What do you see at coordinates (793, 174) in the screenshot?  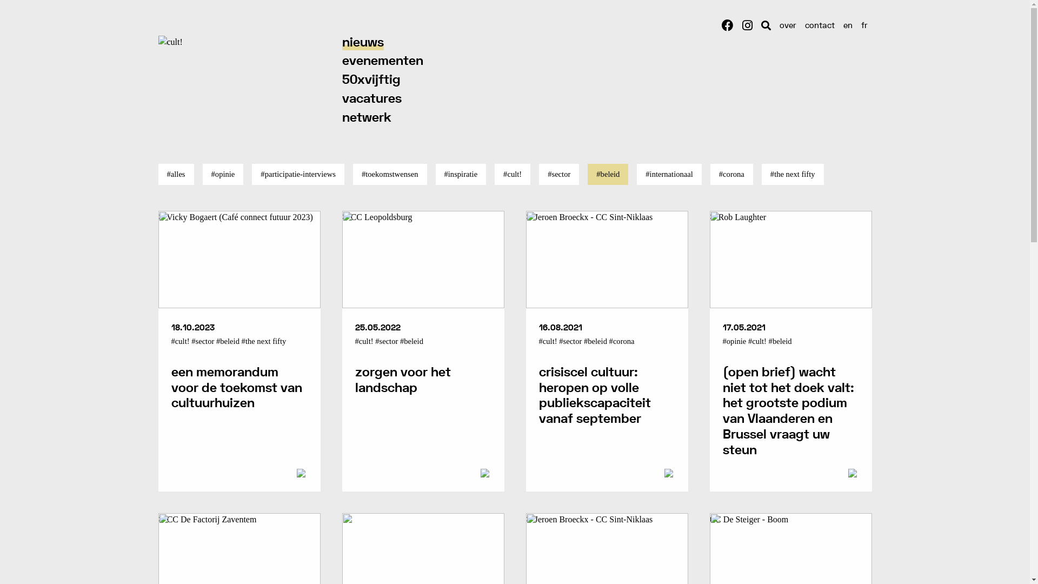 I see `'#the next fifty'` at bounding box center [793, 174].